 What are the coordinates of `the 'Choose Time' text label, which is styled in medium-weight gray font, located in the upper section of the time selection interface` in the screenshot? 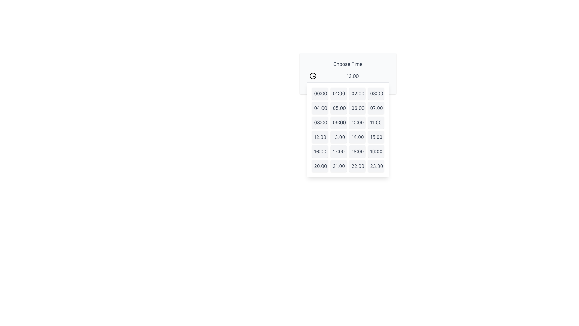 It's located at (348, 64).